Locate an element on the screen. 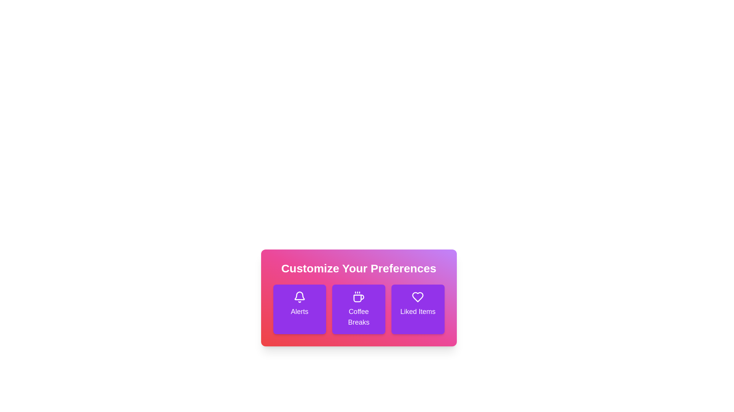 The image size is (734, 412). the 'Liked Items' button, which is a rectangular button with a purple background and a white heart icon, located to the right of the 'Coffee Breaks' button is located at coordinates (417, 309).